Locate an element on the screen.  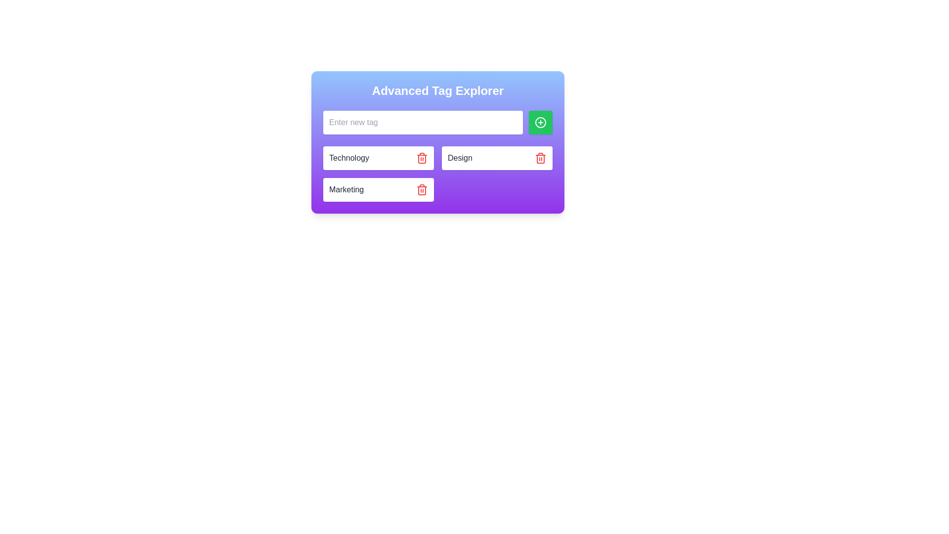
the delete button for the 'Marketing' tag is located at coordinates (422, 190).